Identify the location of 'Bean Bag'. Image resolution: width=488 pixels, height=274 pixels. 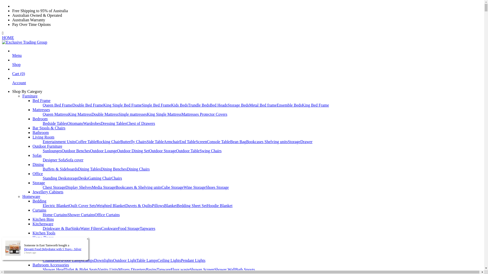
(238, 142).